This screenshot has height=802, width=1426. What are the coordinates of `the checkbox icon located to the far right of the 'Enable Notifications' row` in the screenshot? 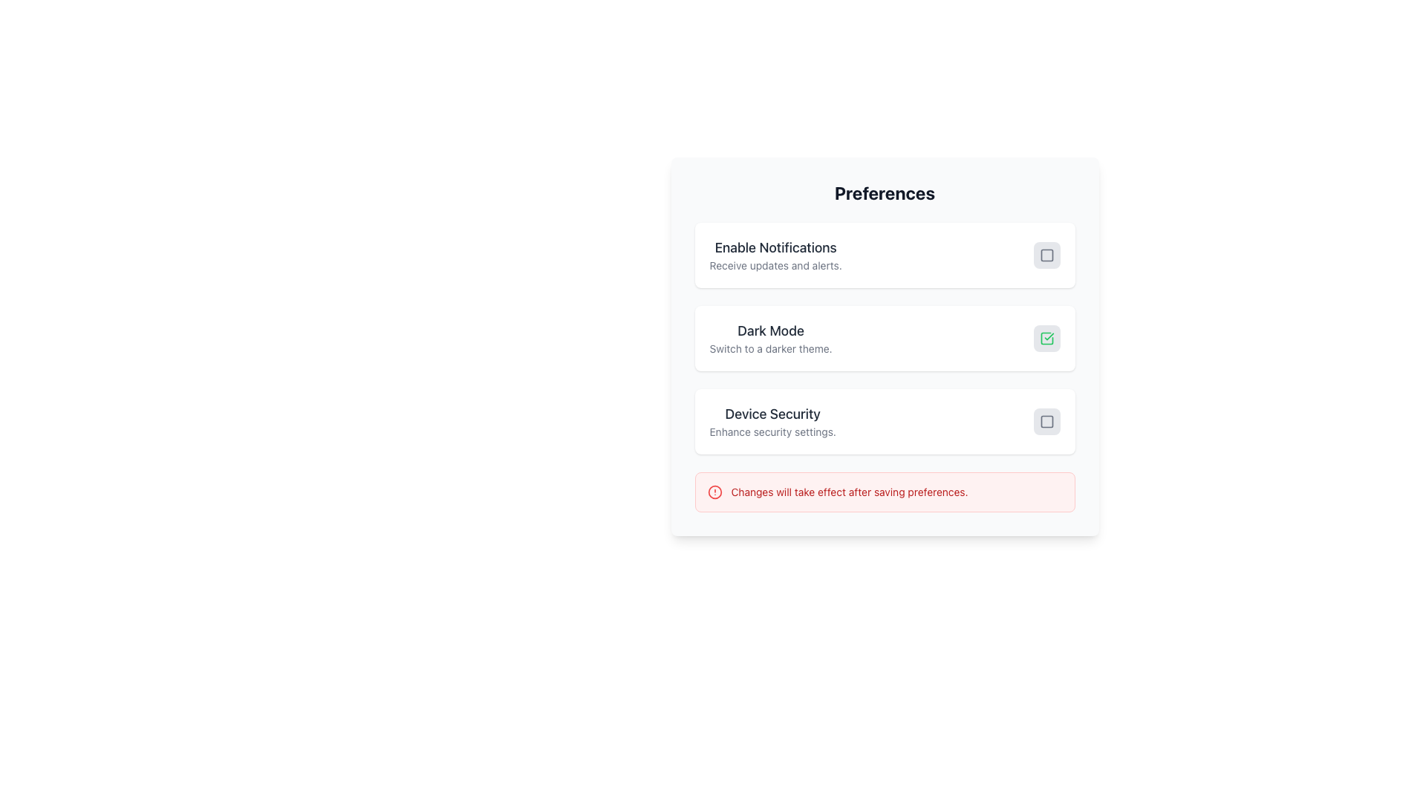 It's located at (1046, 254).